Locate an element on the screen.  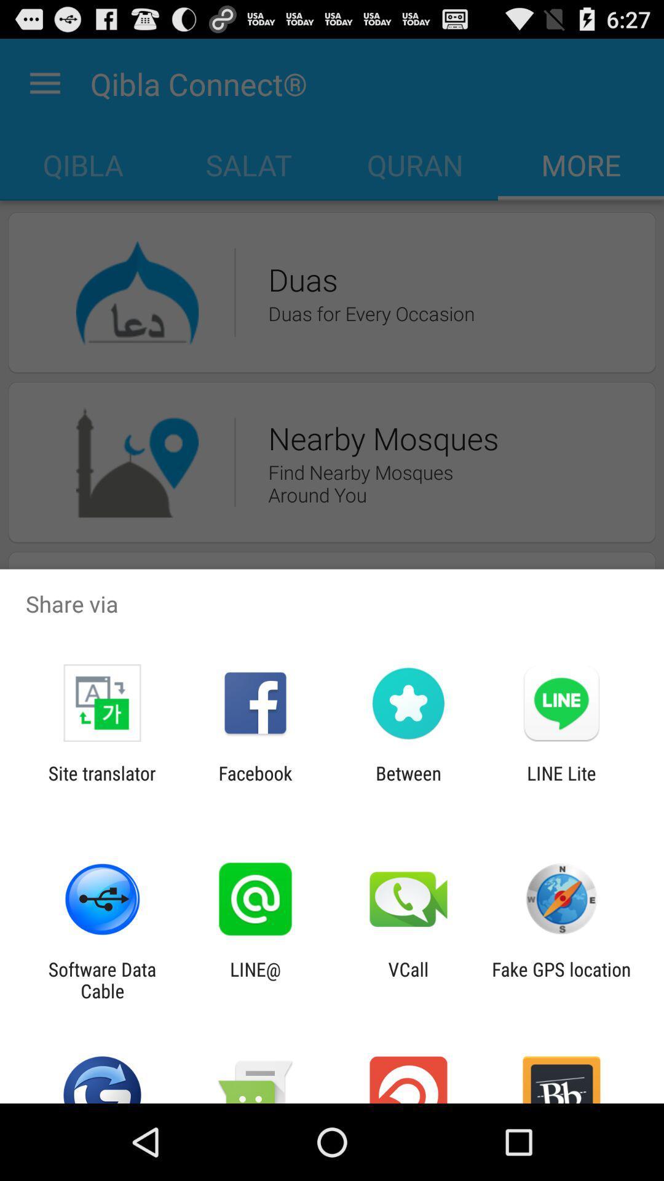
site translator is located at coordinates (101, 784).